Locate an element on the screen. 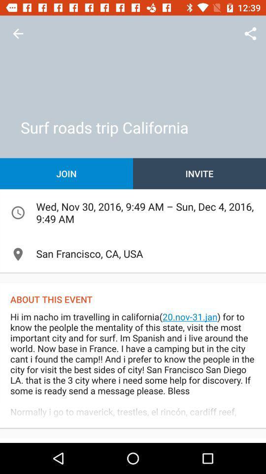  the invite item is located at coordinates (199, 173).